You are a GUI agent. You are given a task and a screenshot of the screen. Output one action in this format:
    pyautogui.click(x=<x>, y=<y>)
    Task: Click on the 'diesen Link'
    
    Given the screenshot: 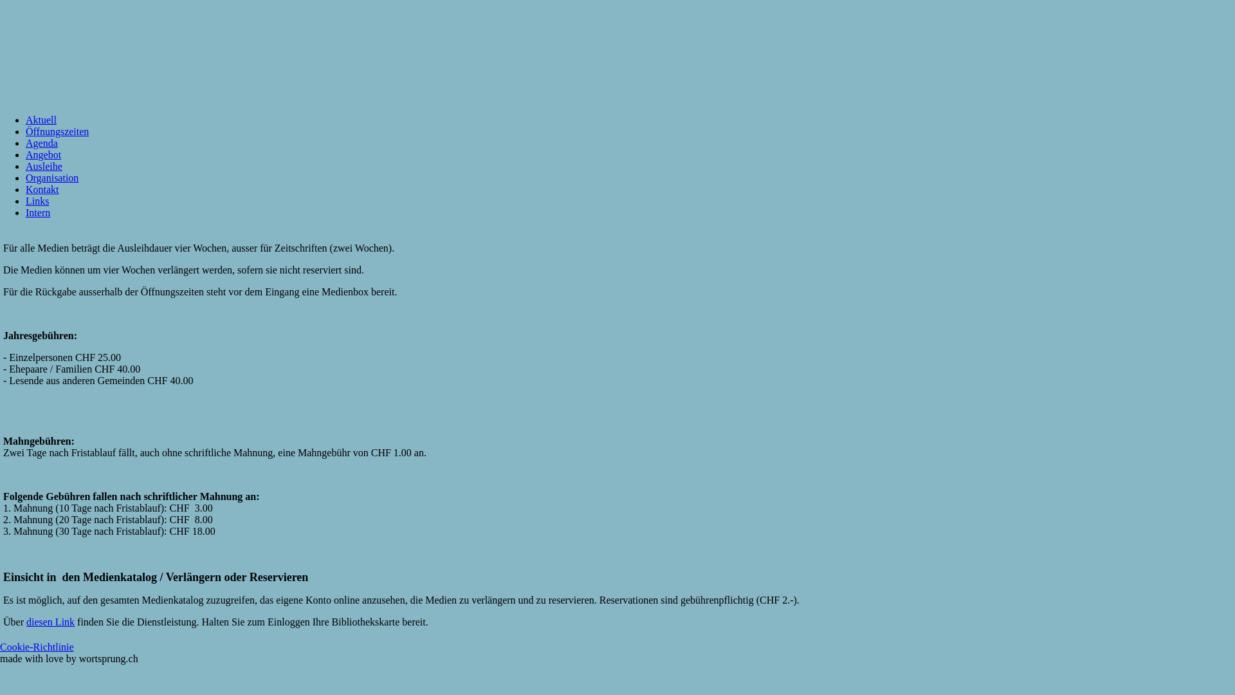 What is the action you would take?
    pyautogui.click(x=50, y=621)
    